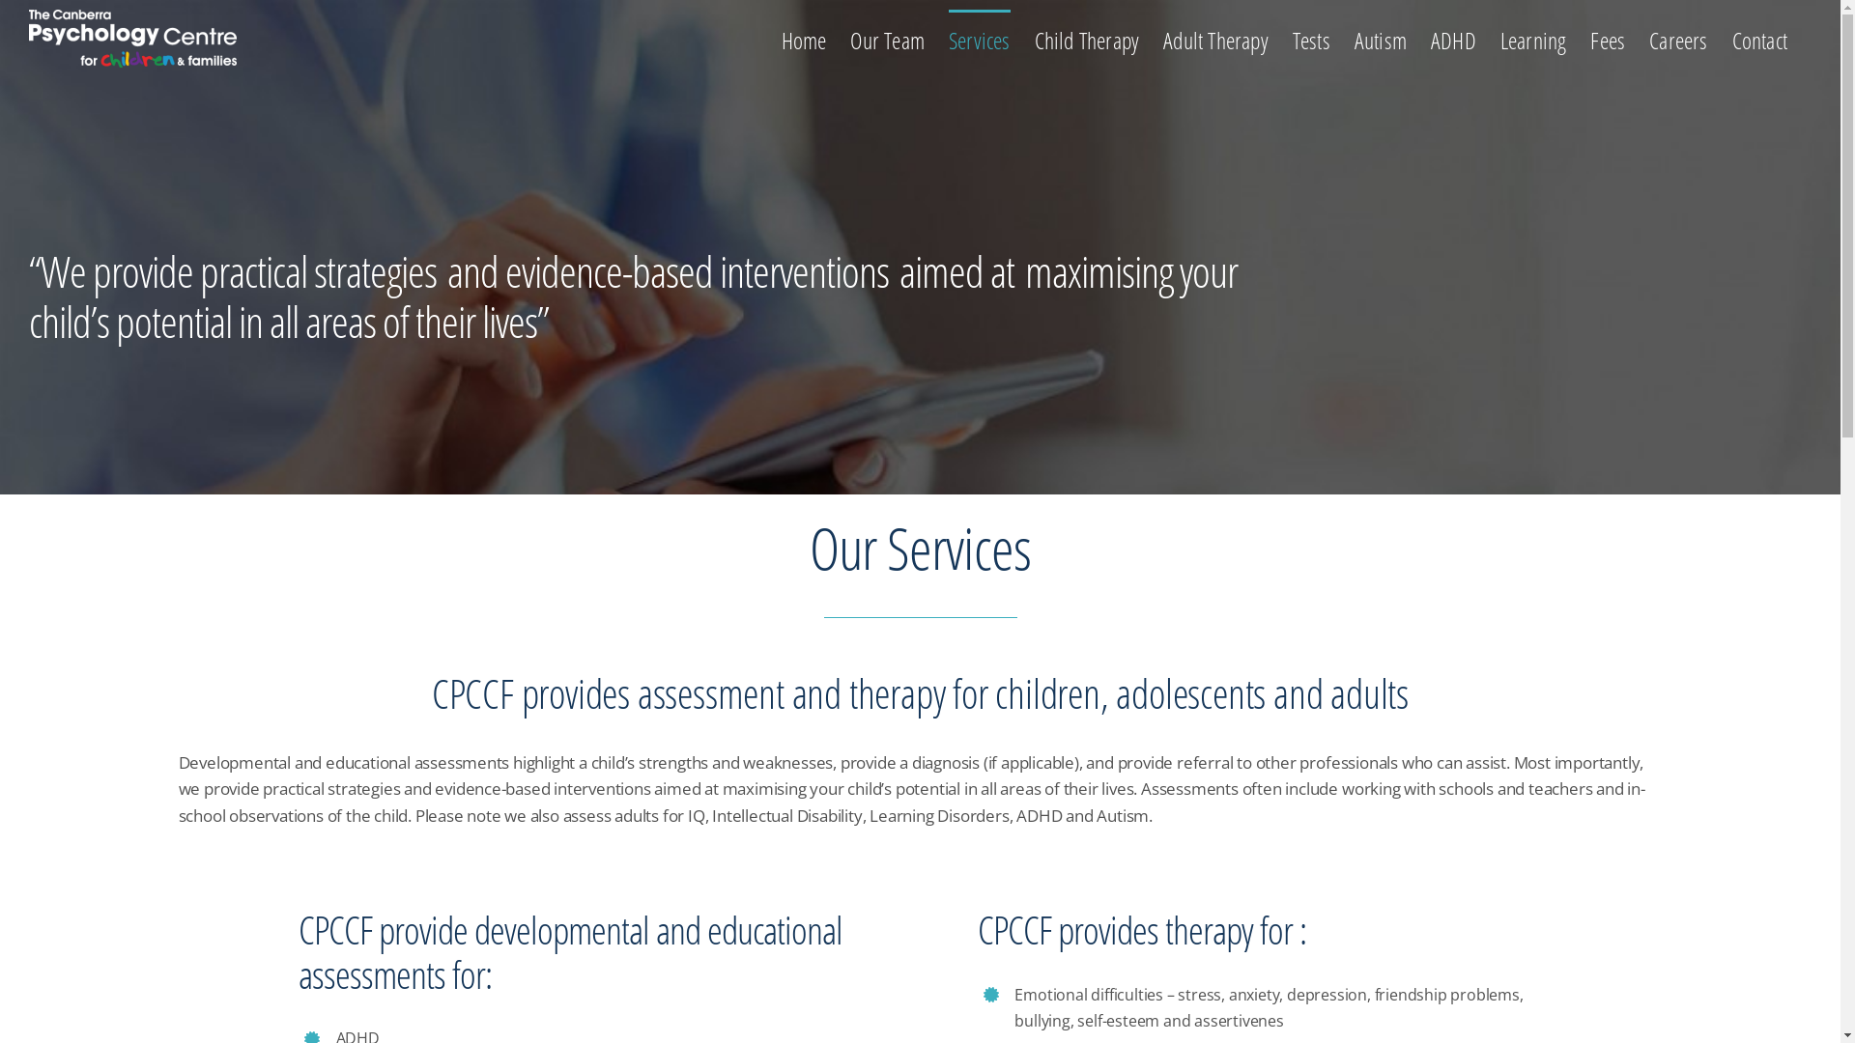 Image resolution: width=1855 pixels, height=1043 pixels. Describe the element at coordinates (1499, 38) in the screenshot. I see `'Learning'` at that location.